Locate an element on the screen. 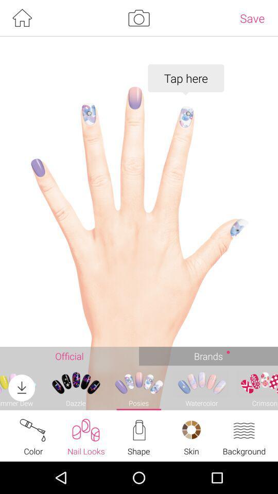  the home icon is located at coordinates (22, 19).